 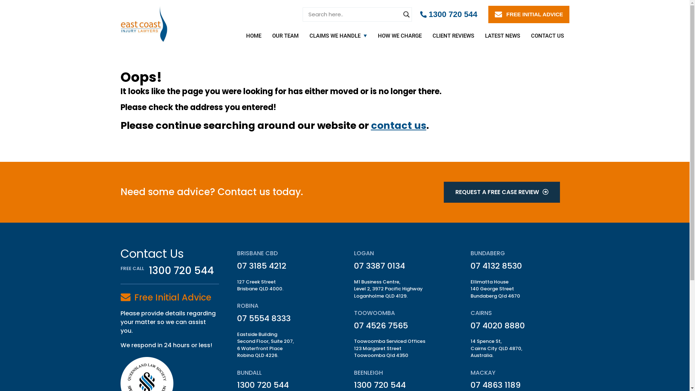 What do you see at coordinates (495, 384) in the screenshot?
I see `'07 4863 1189'` at bounding box center [495, 384].